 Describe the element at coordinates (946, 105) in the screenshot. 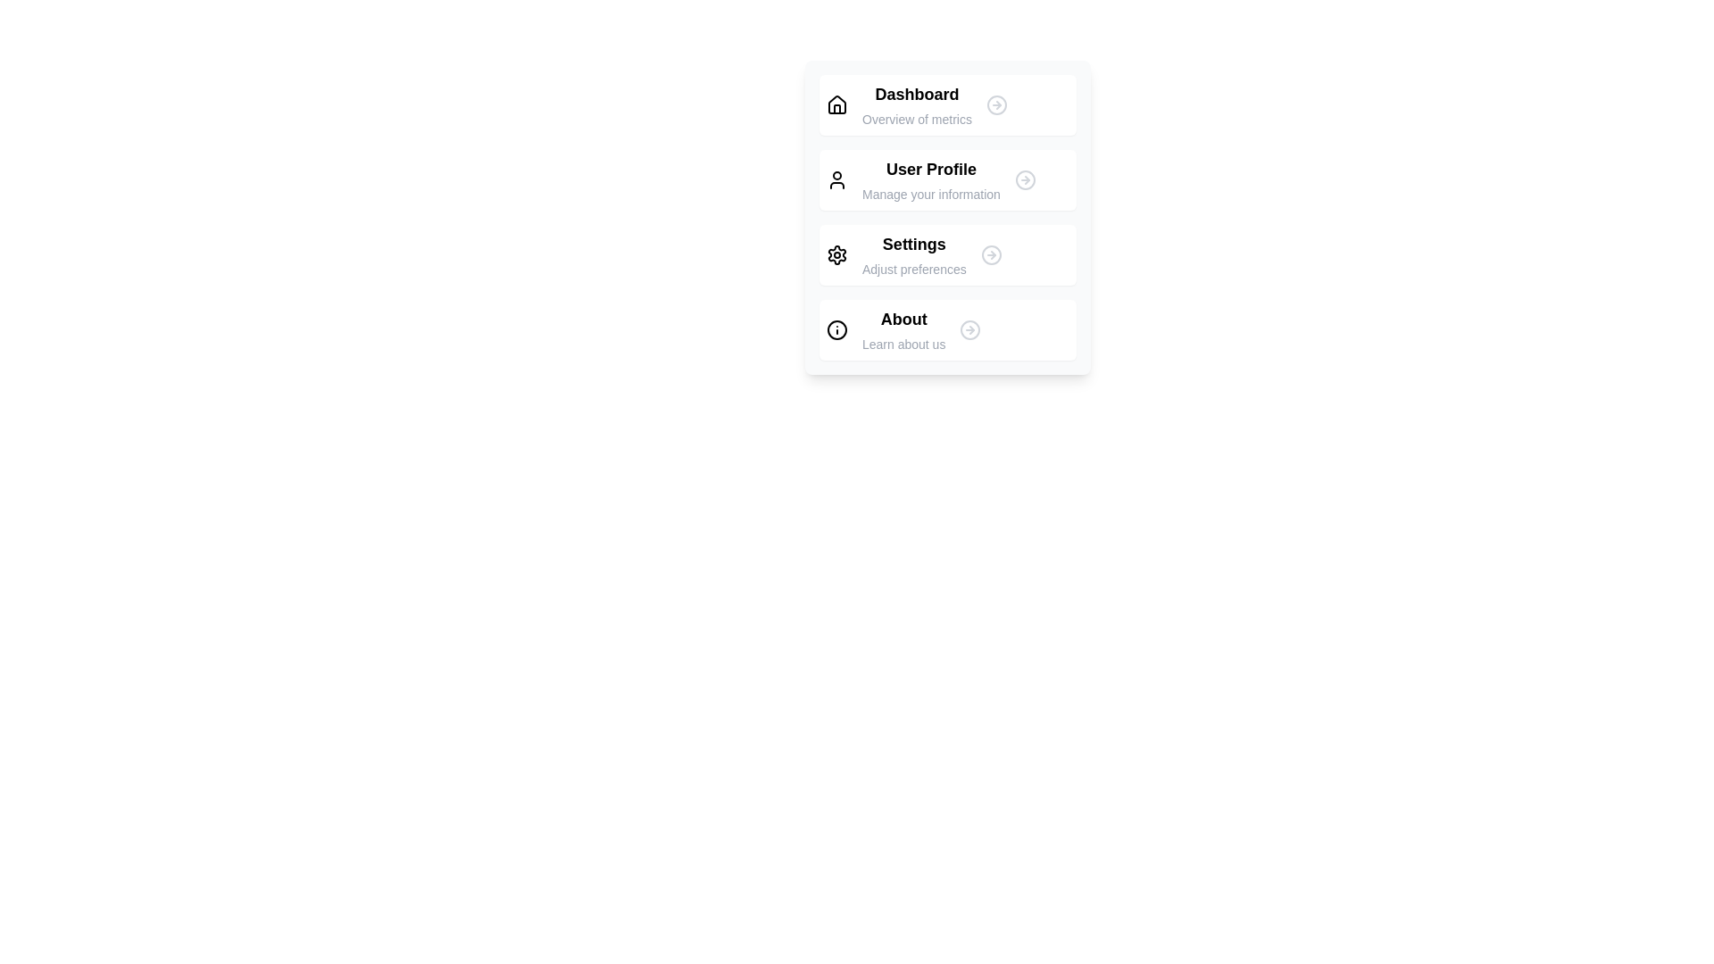

I see `the 'Dashboard' section header list item, which includes a house icon on the left and an arrow on the right` at that location.